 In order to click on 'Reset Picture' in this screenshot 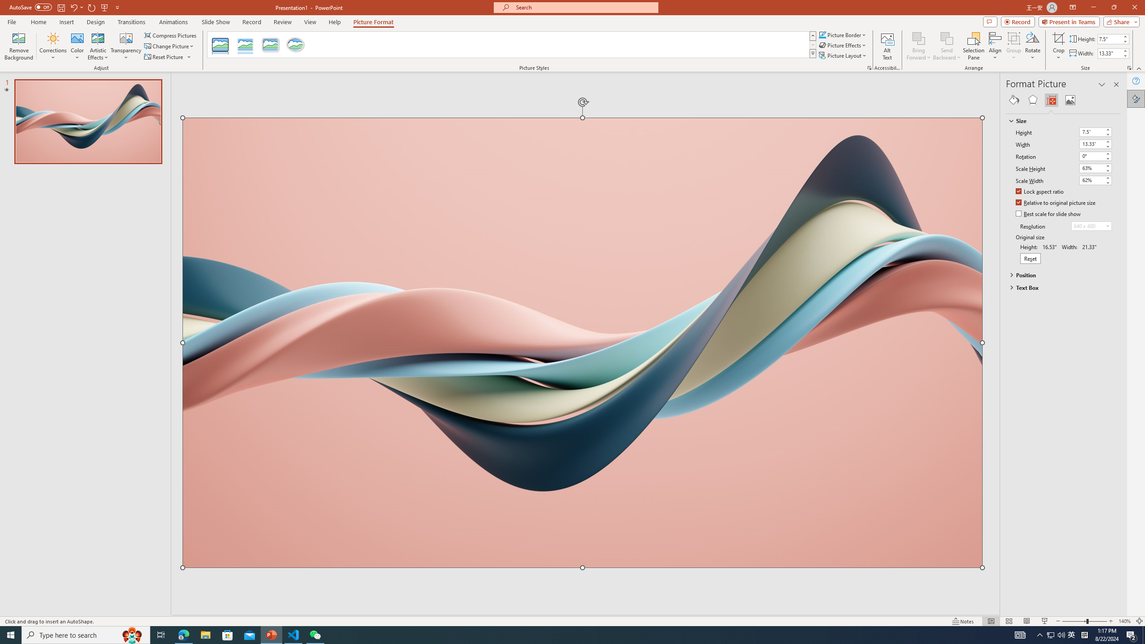, I will do `click(168, 57)`.